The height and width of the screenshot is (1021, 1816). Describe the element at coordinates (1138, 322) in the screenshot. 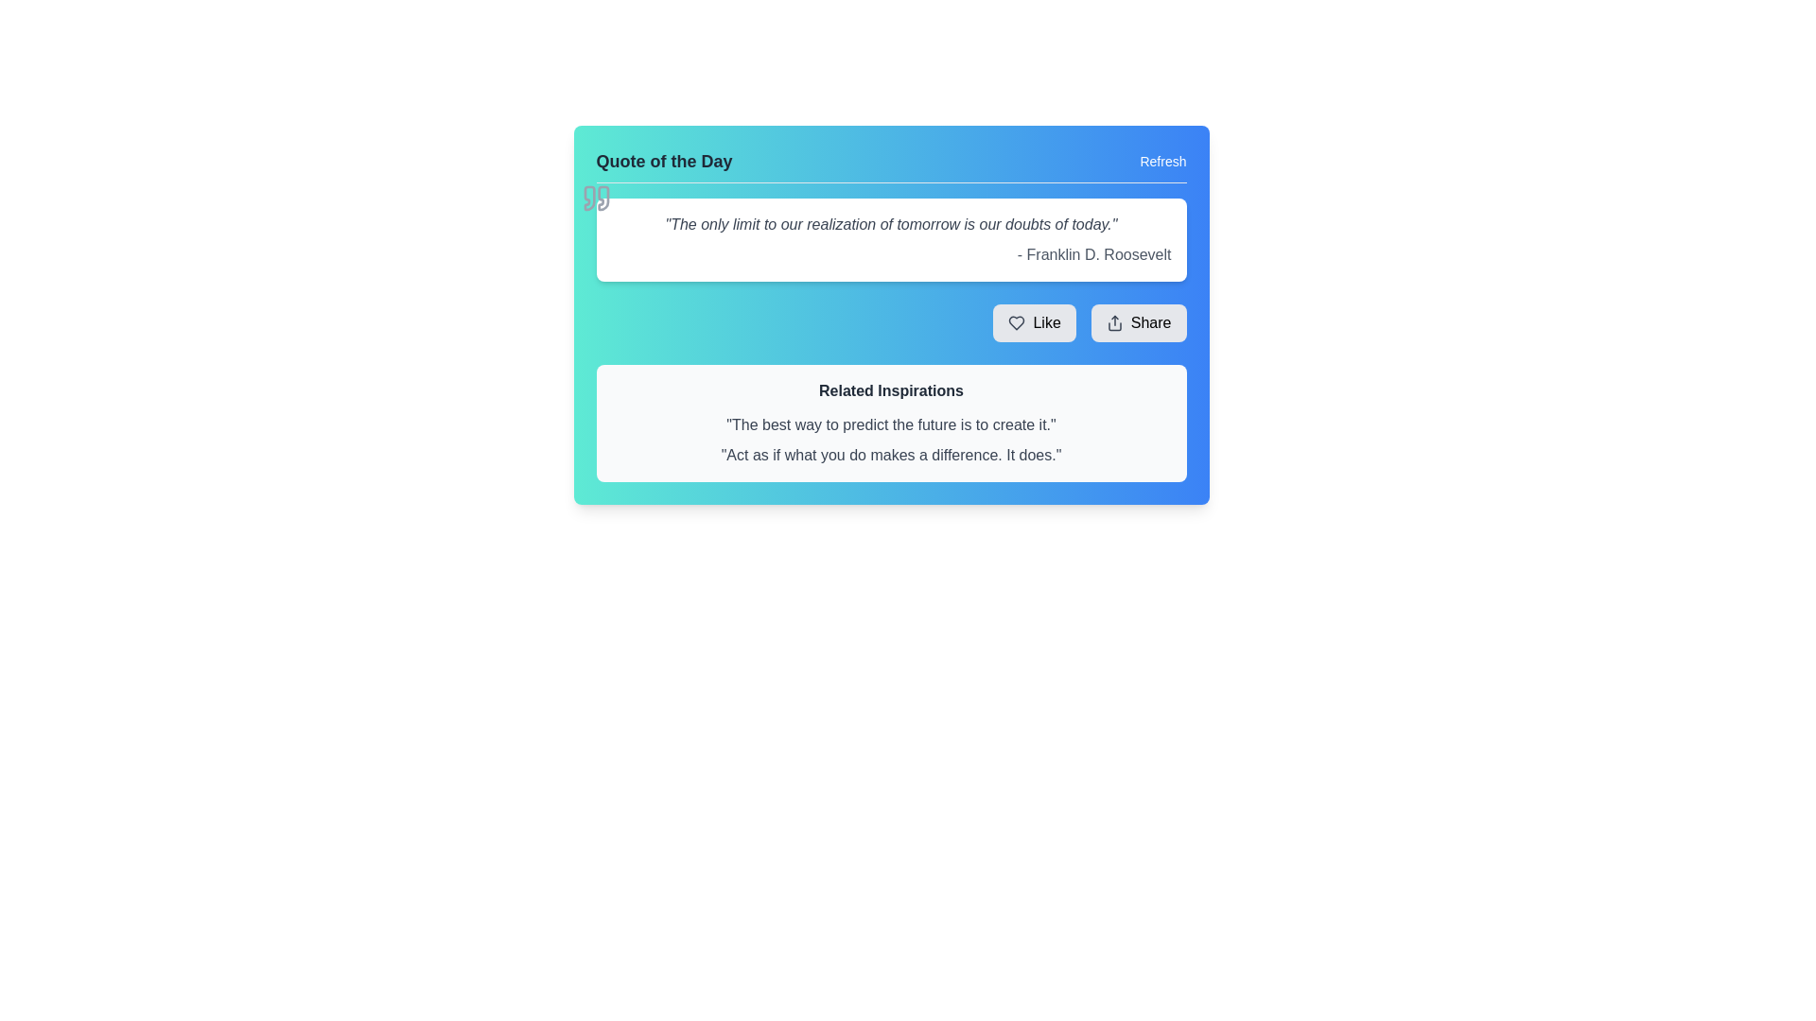

I see `the 'Share' button, which is a rounded rectangular button with a light gray background and a share icon, located in the bottom-right corner of a quote card interface` at that location.